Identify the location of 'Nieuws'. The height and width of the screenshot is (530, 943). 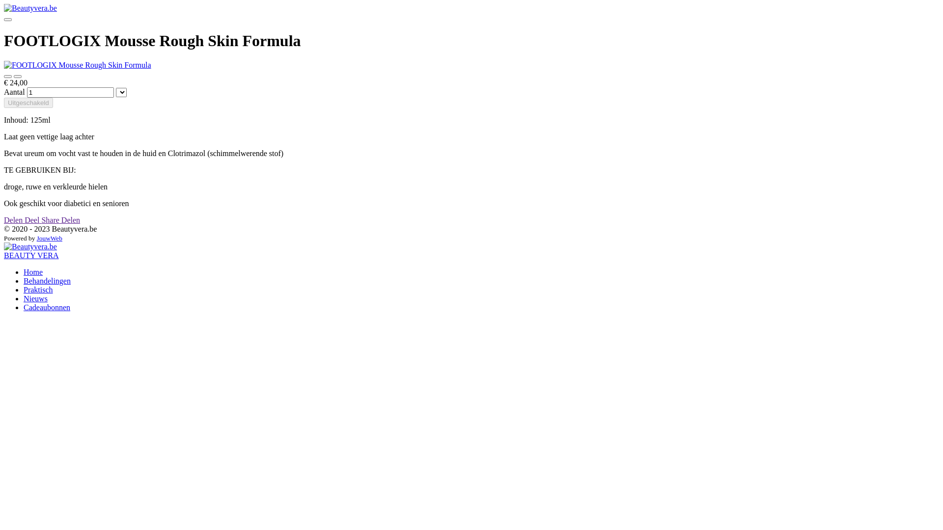
(35, 298).